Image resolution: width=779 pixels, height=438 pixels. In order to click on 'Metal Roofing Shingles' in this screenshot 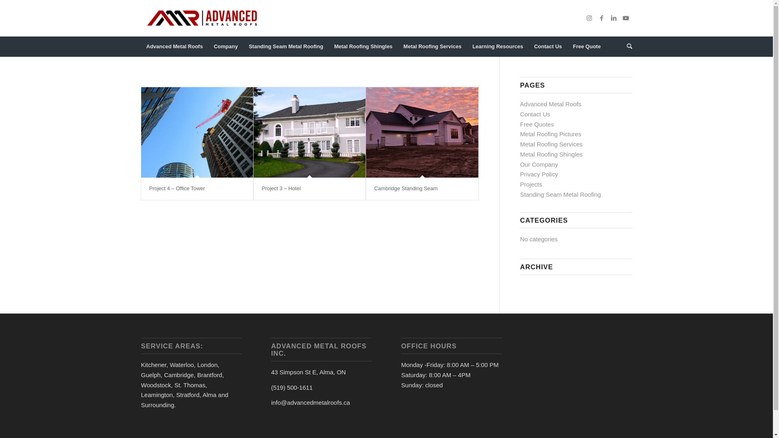, I will do `click(363, 47)`.